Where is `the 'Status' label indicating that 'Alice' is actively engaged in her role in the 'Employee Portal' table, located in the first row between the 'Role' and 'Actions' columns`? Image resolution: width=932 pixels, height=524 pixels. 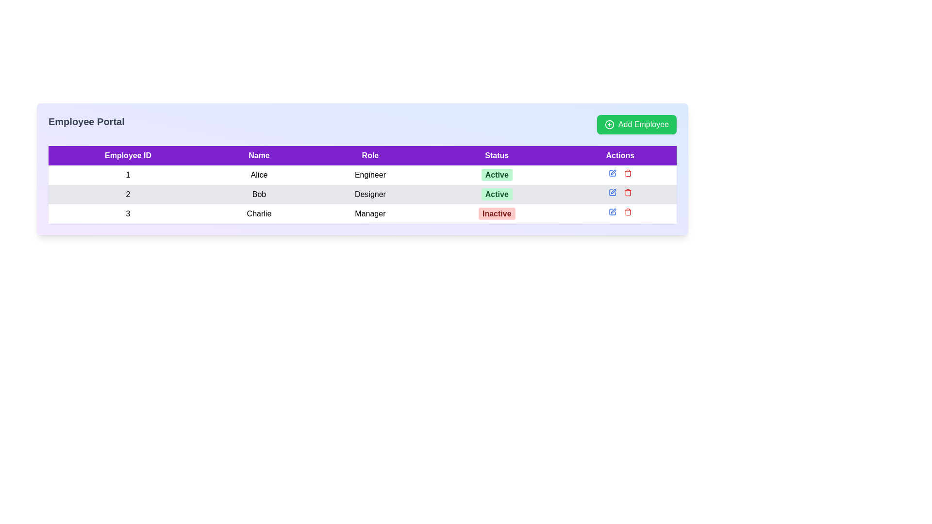 the 'Status' label indicating that 'Alice' is actively engaged in her role in the 'Employee Portal' table, located in the first row between the 'Role' and 'Actions' columns is located at coordinates (497, 175).